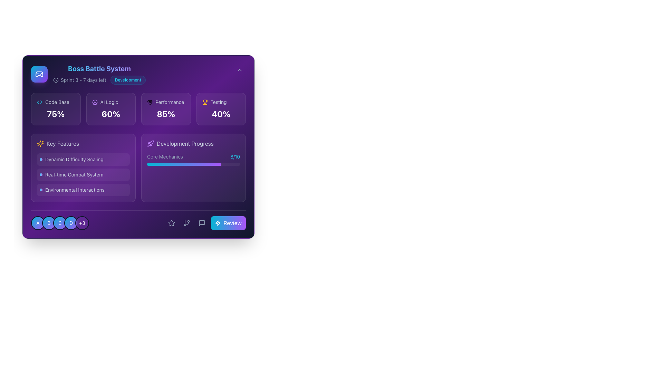  I want to click on the lightning bolt icon located in the bottom section of the interface, positioned between the speech bubble icon and the star icon, so click(218, 223).